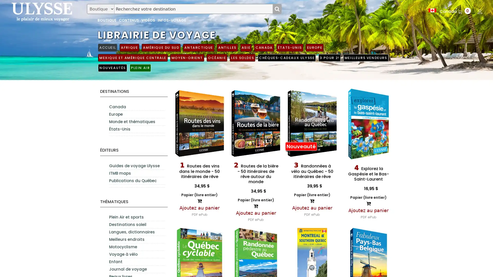 This screenshot has width=493, height=277. What do you see at coordinates (198, 47) in the screenshot?
I see `ANTARCTIQUE` at bounding box center [198, 47].